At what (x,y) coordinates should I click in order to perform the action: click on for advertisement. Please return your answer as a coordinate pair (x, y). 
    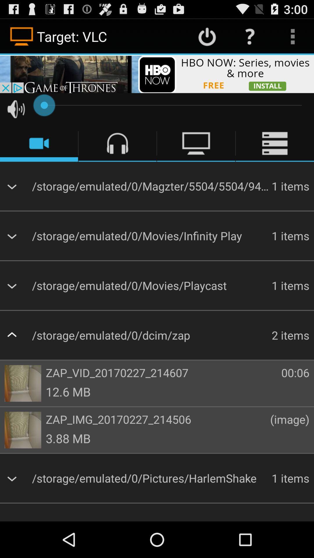
    Looking at the image, I should click on (157, 74).